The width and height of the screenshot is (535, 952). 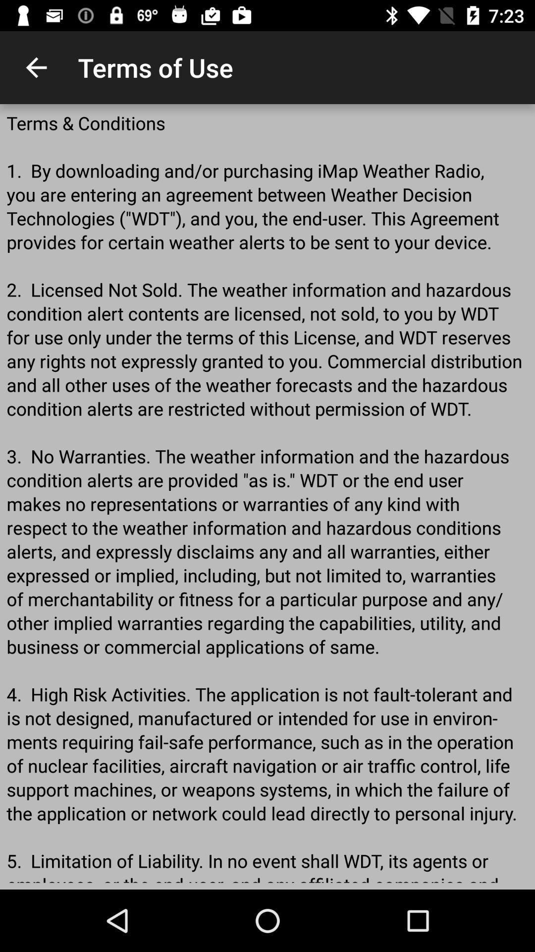 I want to click on the terms conditions 1, so click(x=267, y=497).